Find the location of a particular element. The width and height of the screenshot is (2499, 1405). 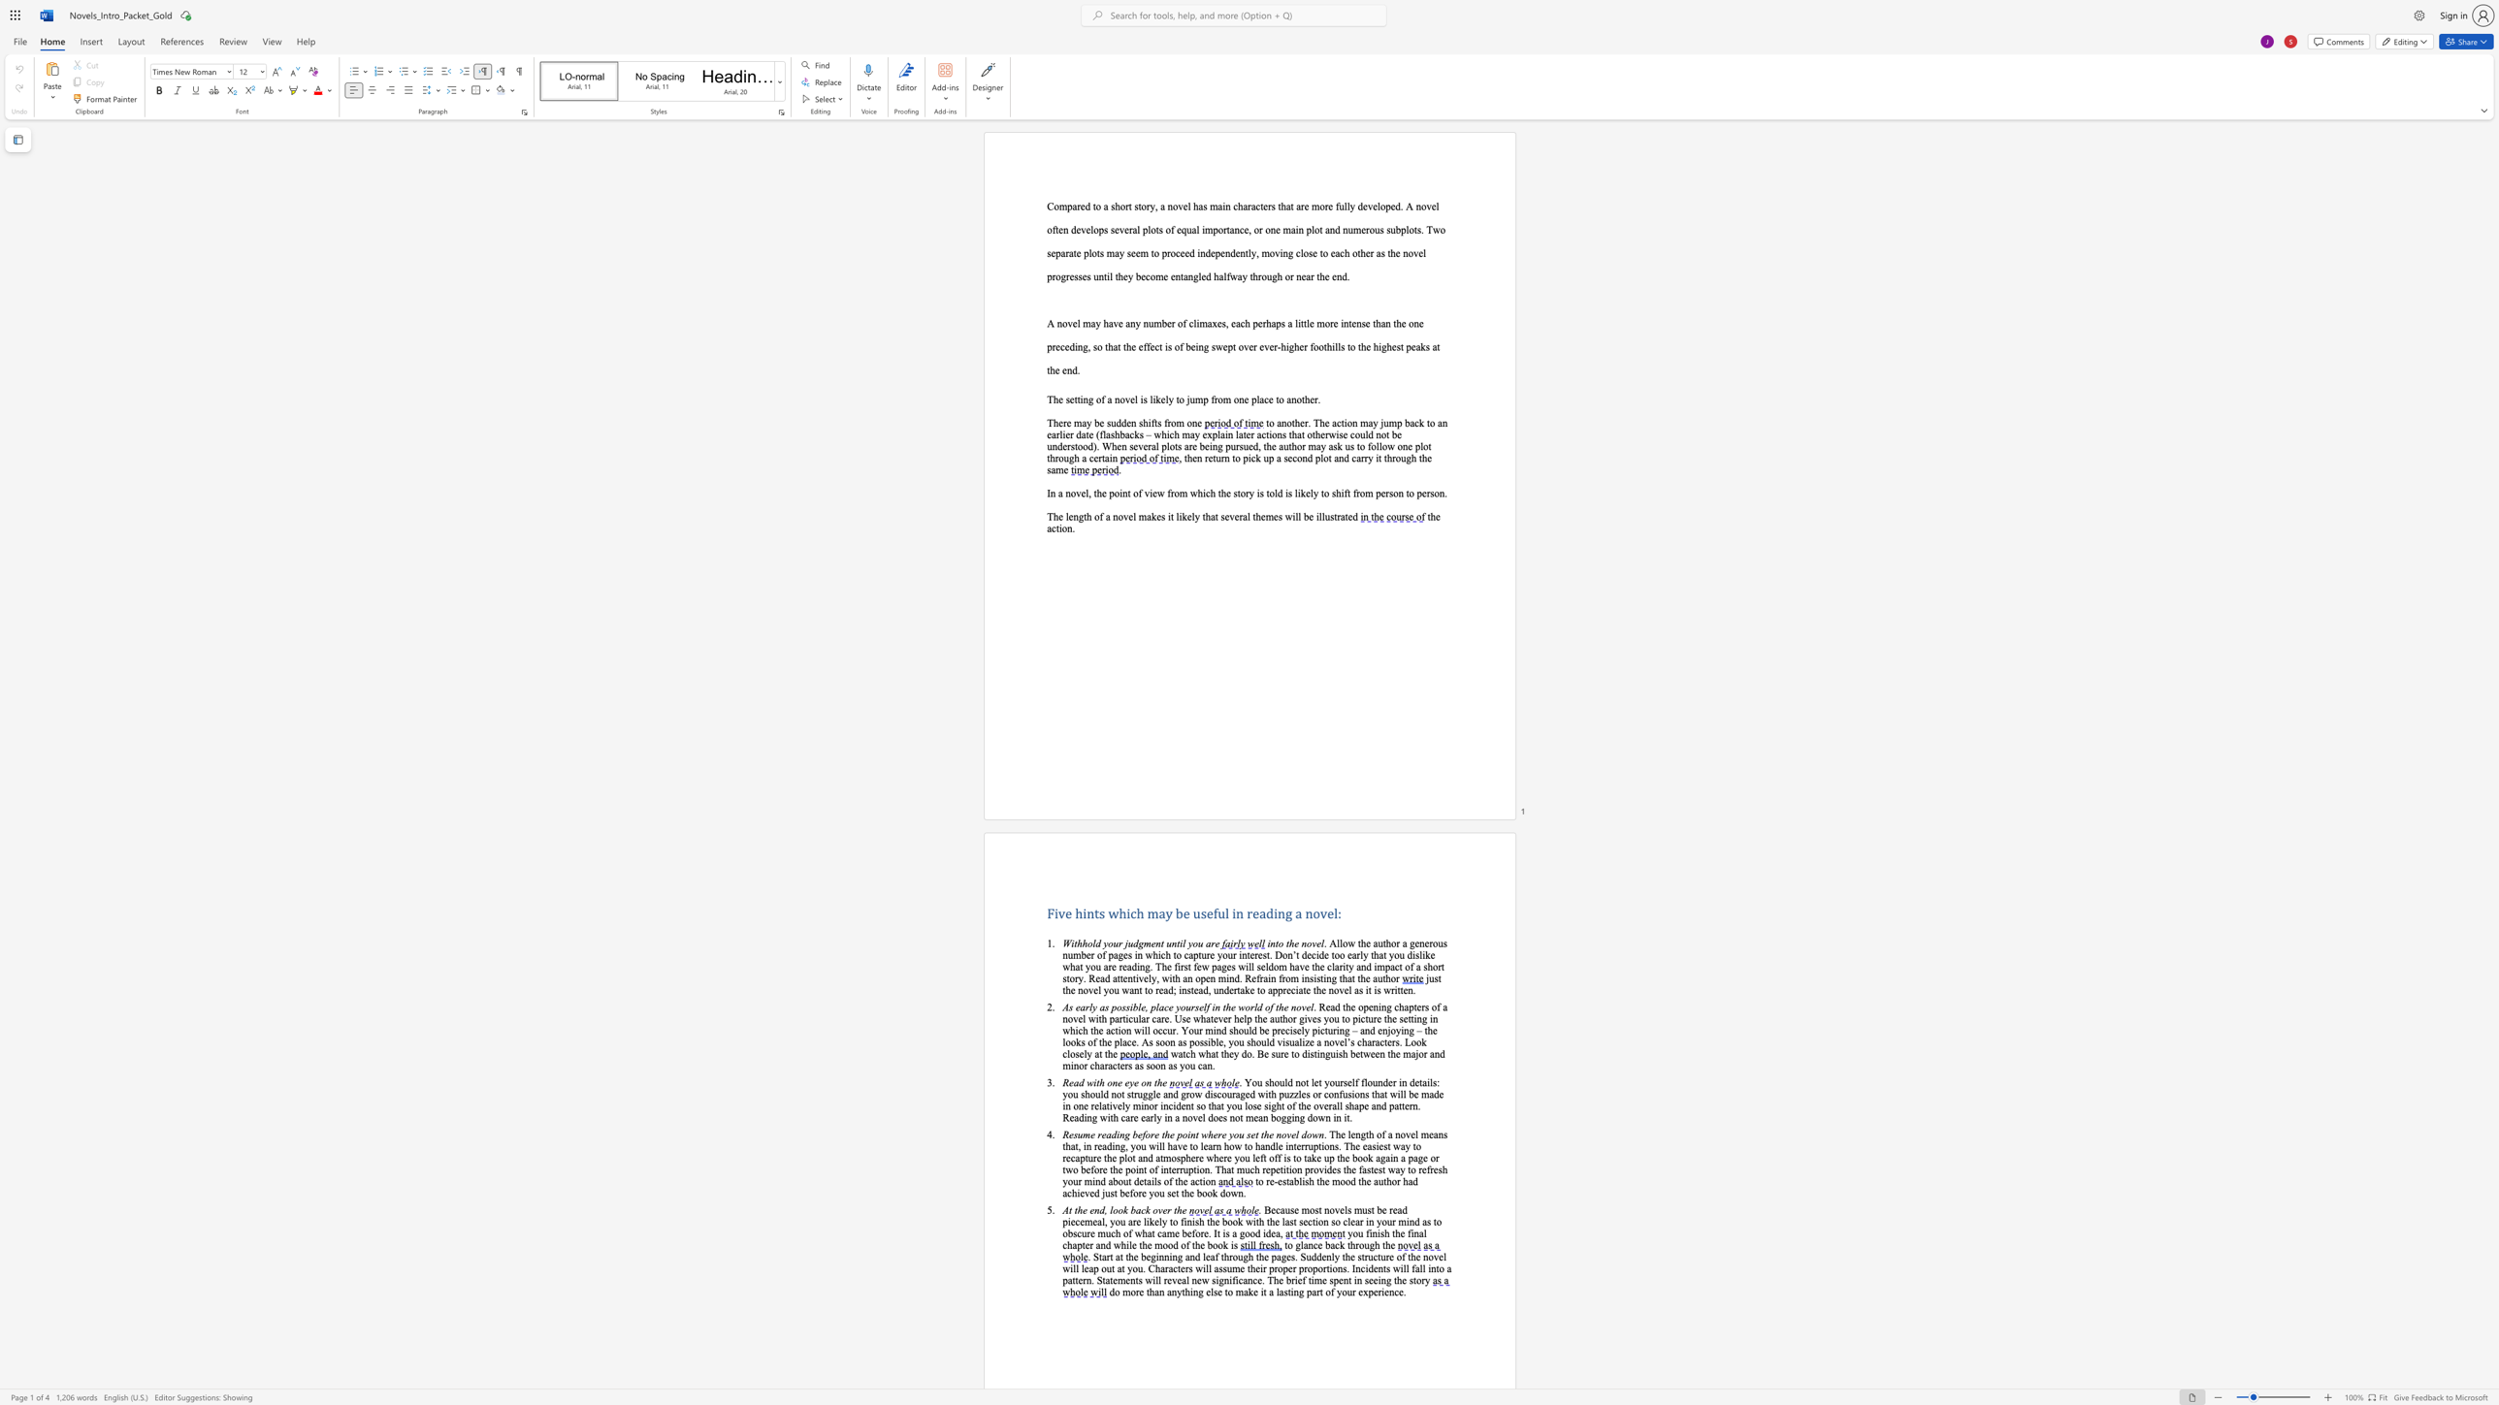

the subset text "pe and pattern. Reading with care early in a novel does not mean bogging down" within the text "incident so that you lose sight of the overall shape and pattern. Reading with care early in a novel does not mean bogging down in it." is located at coordinates (1358, 1105).